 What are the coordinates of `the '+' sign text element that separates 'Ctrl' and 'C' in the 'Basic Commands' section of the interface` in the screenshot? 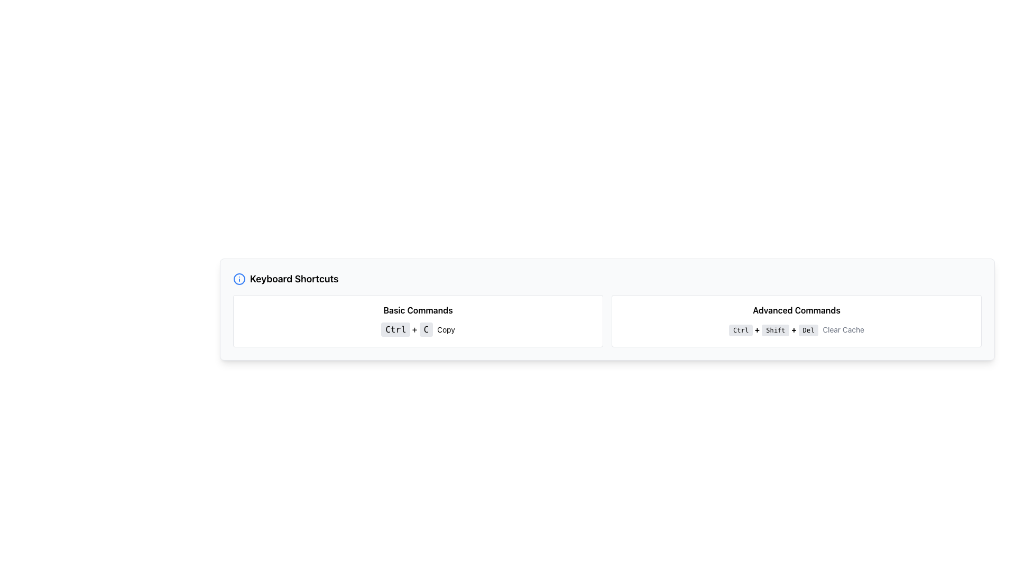 It's located at (414, 329).